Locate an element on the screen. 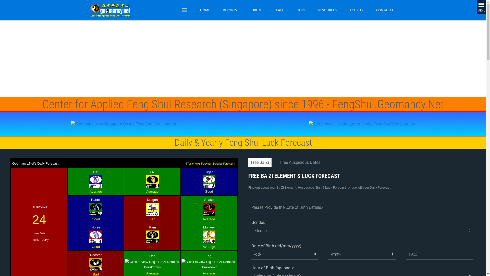  'Free Ba Zi' is located at coordinates (260, 163).